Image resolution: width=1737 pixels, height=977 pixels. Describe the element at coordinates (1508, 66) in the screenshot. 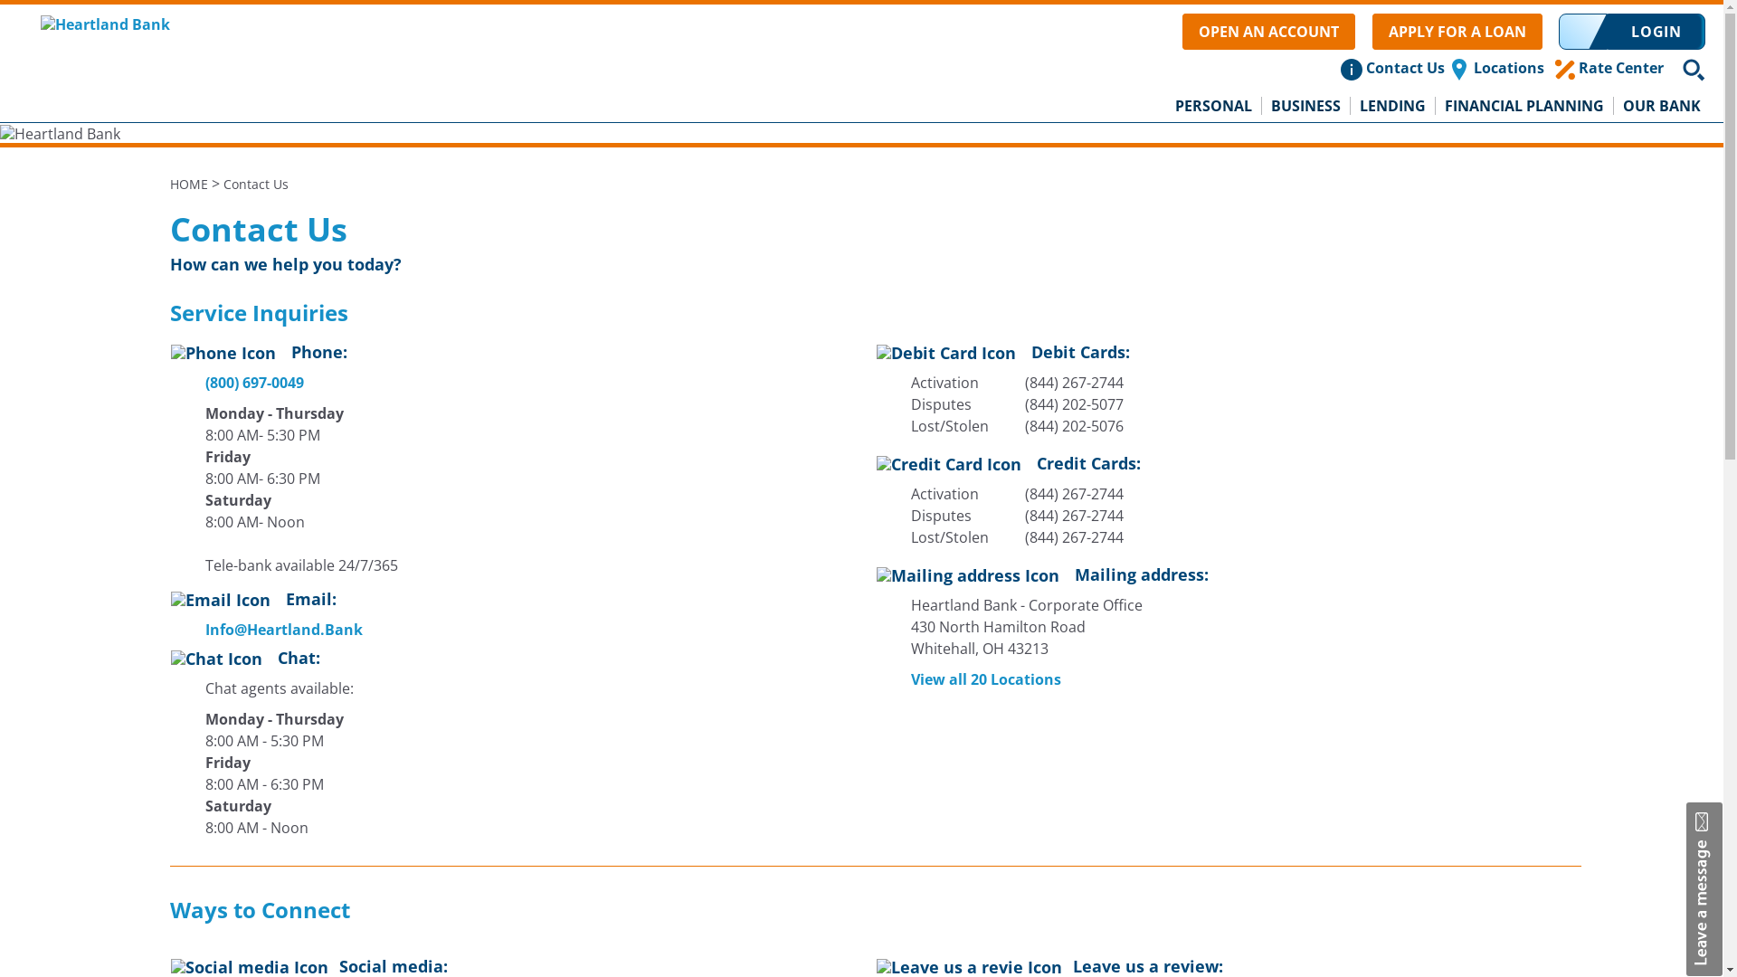

I see `'Locations'` at that location.